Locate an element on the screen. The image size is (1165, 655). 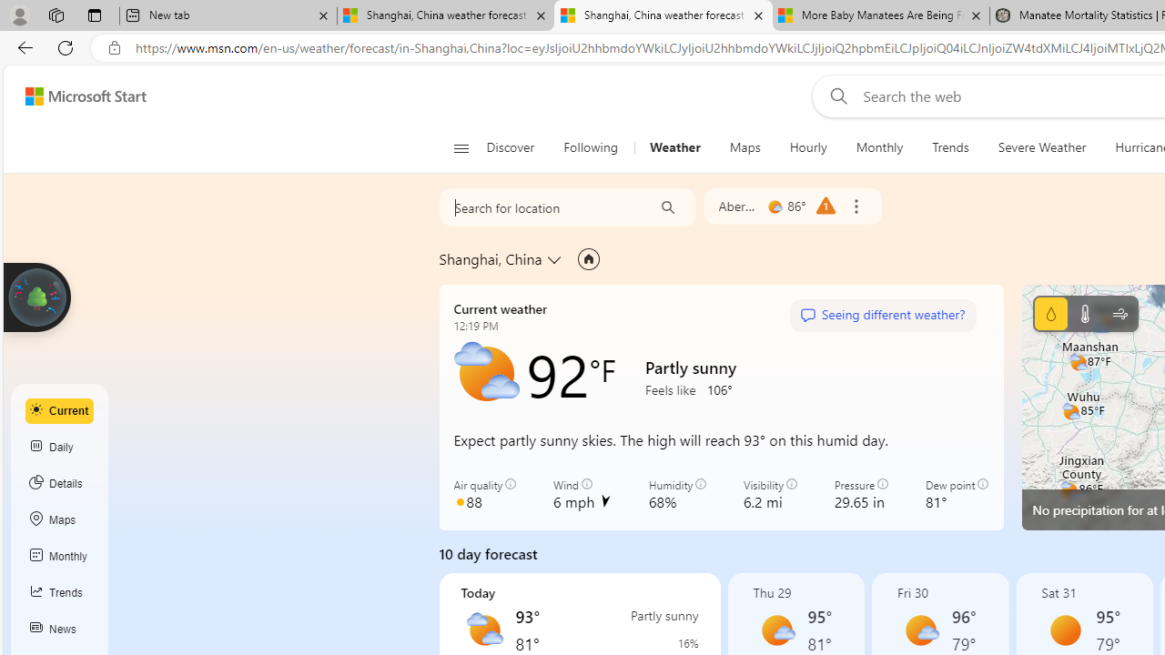
'Partly sunny' is located at coordinates (484, 630).